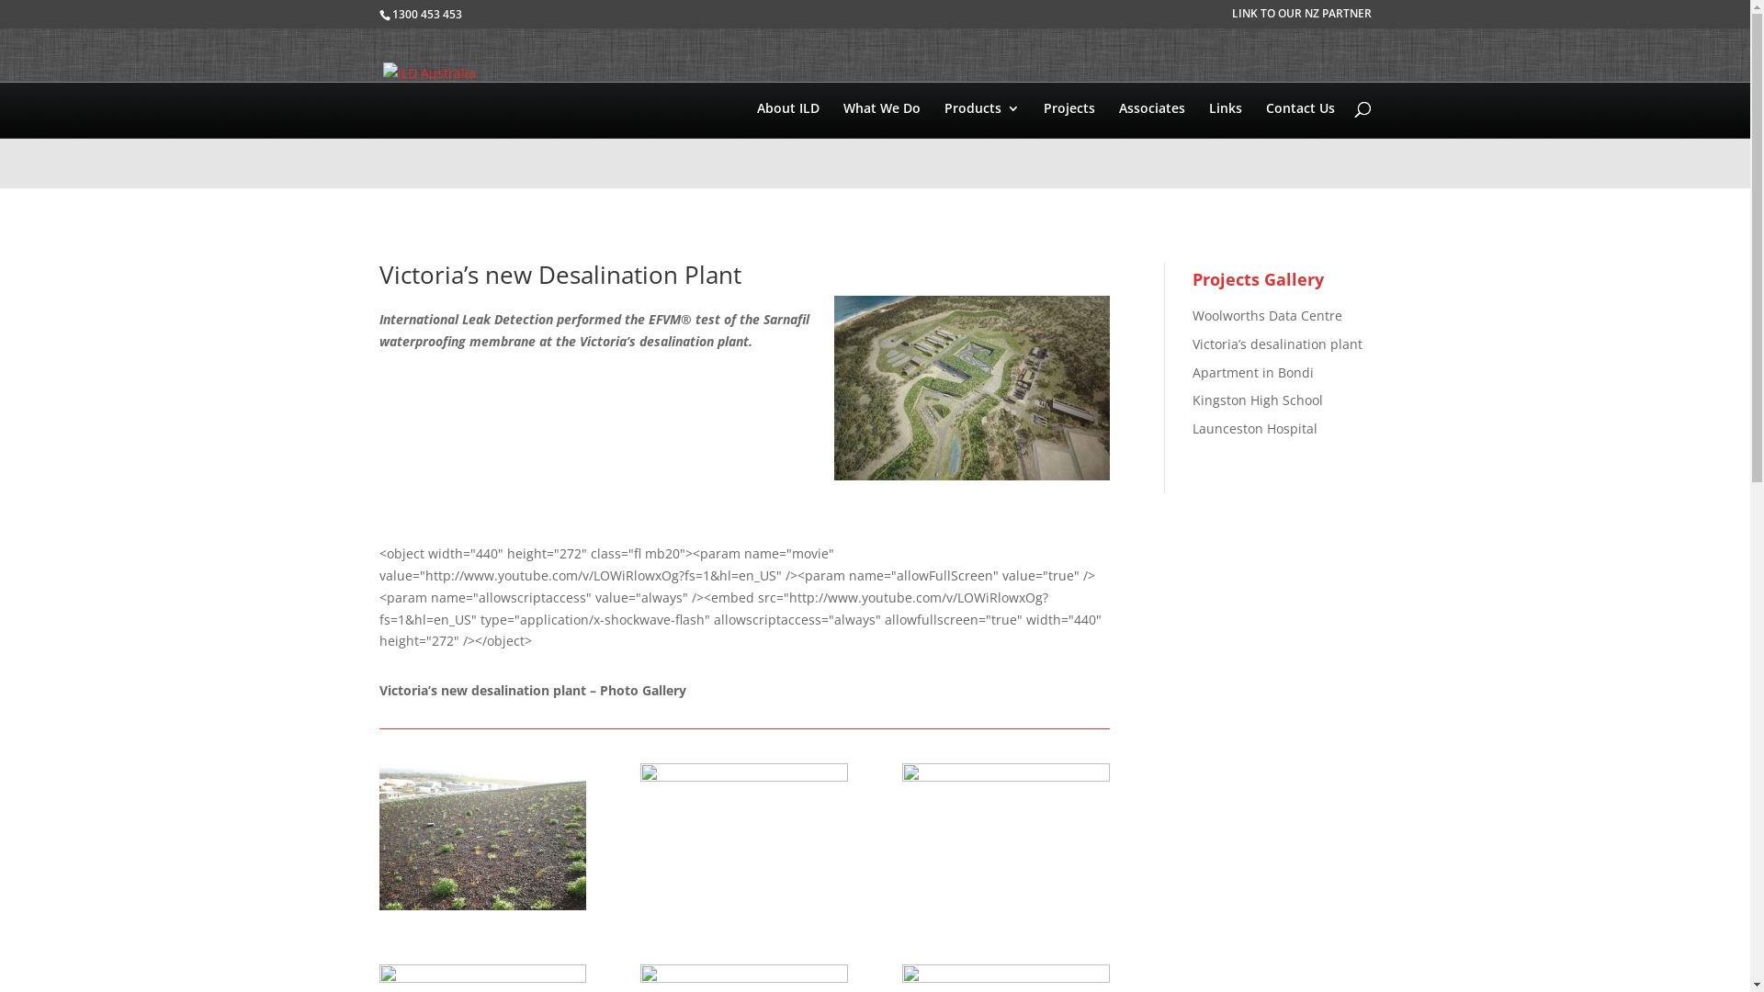  What do you see at coordinates (1300, 17) in the screenshot?
I see `'LINK TO OUR NZ PARTNER'` at bounding box center [1300, 17].